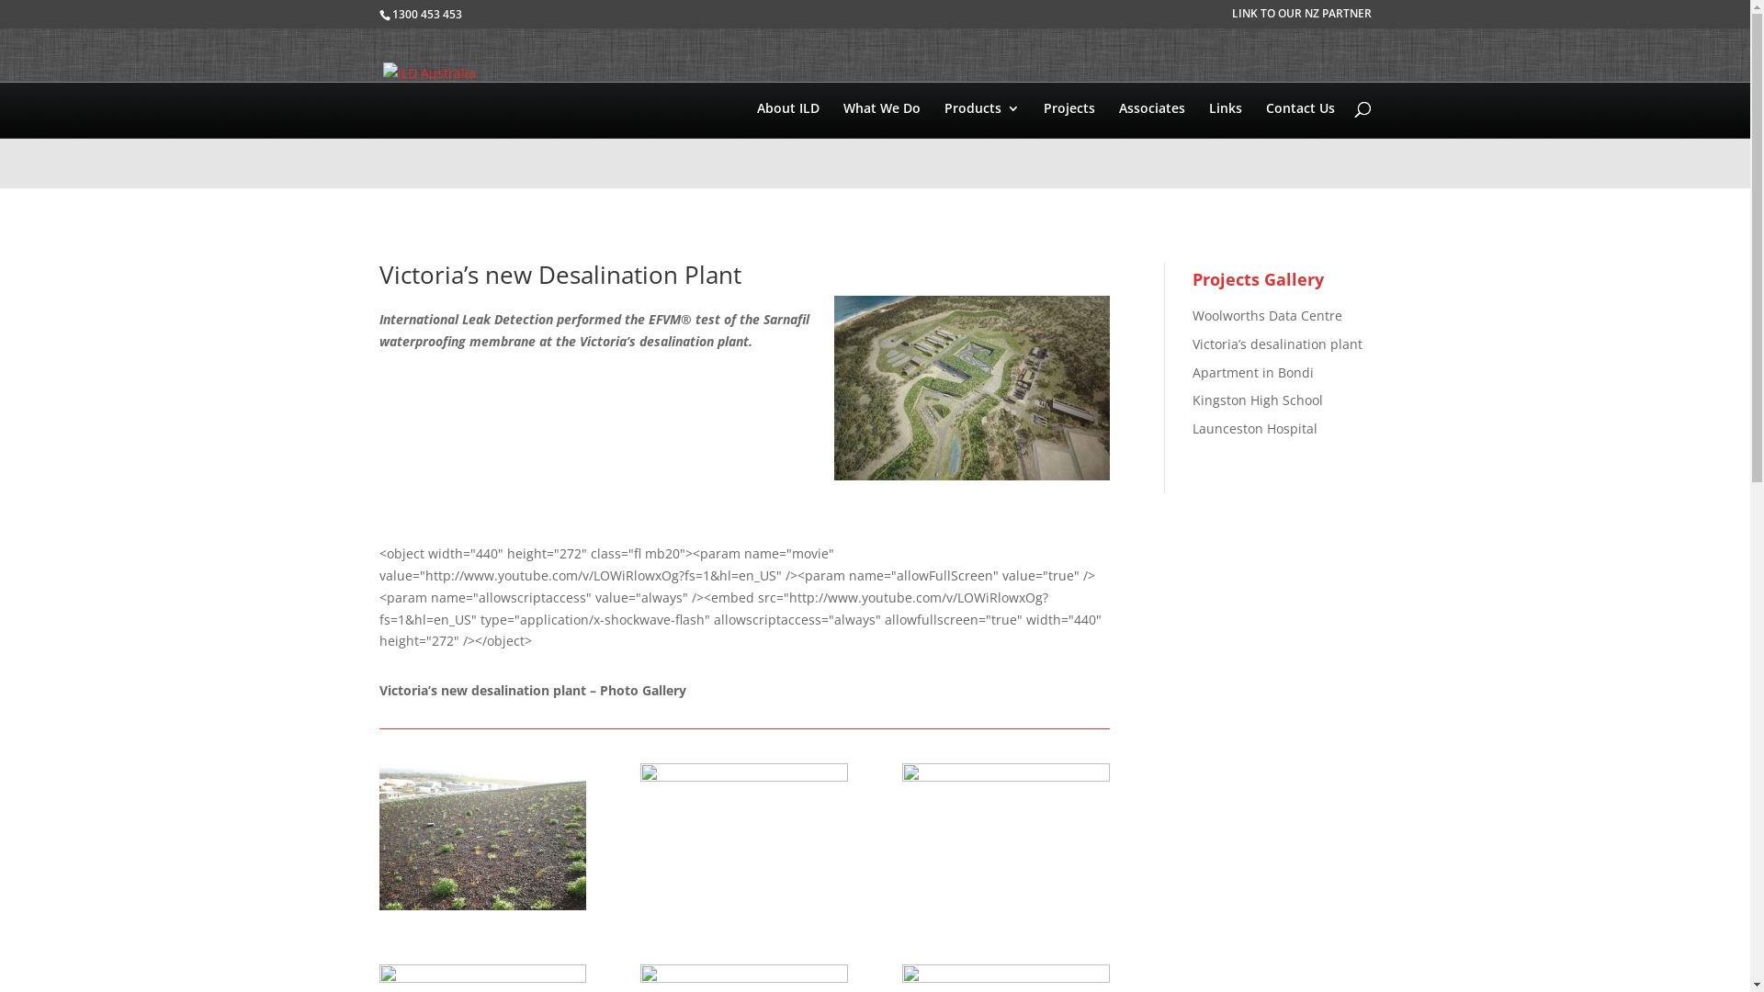  What do you see at coordinates (1300, 17) in the screenshot?
I see `'LINK TO OUR NZ PARTNER'` at bounding box center [1300, 17].